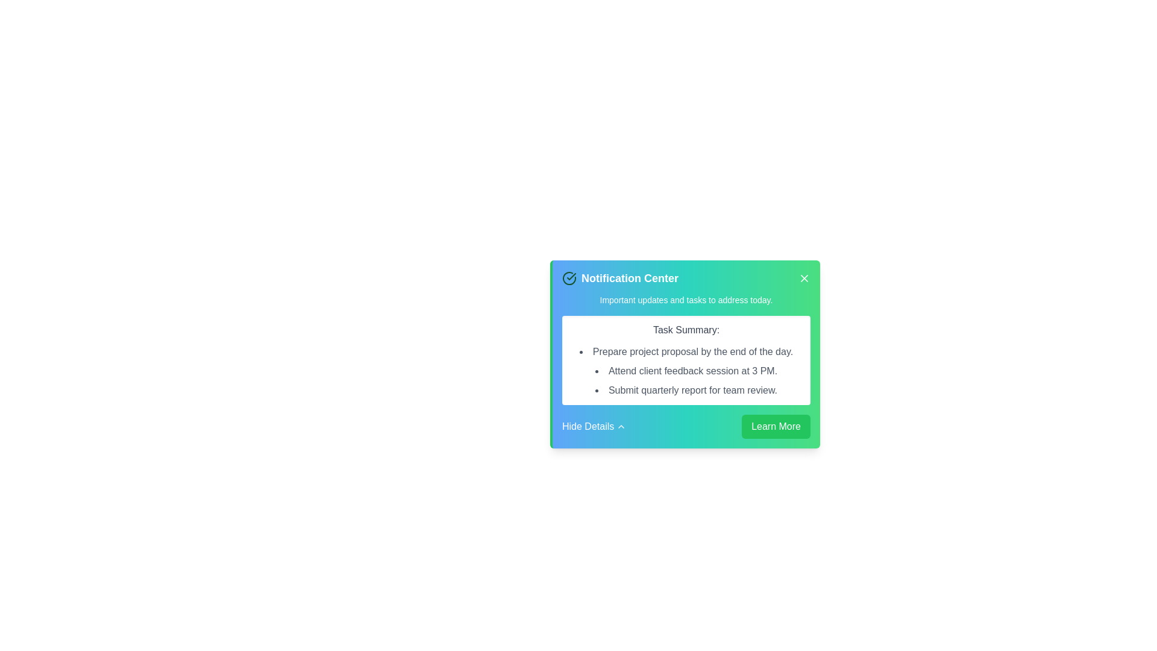  What do you see at coordinates (620, 278) in the screenshot?
I see `the 'Notification Center' text label with a check mark icon, which is located at the top-left corner of the notification card interface` at bounding box center [620, 278].